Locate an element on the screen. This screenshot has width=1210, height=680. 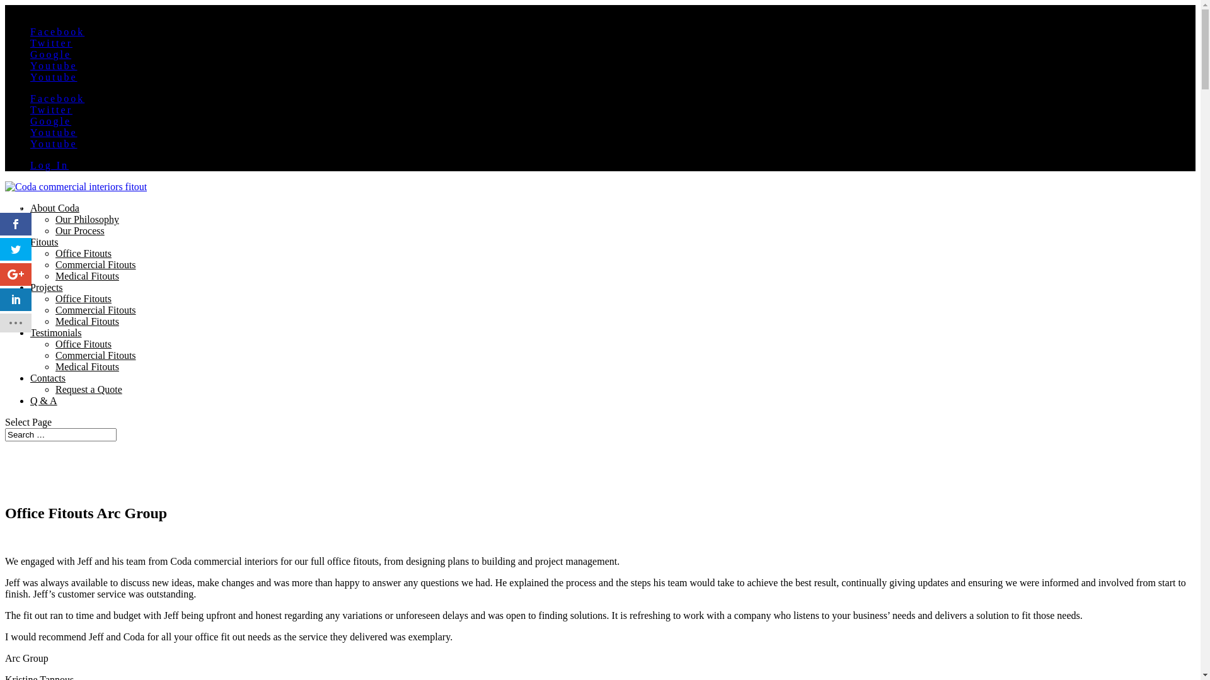
'Our Process' is located at coordinates (79, 230).